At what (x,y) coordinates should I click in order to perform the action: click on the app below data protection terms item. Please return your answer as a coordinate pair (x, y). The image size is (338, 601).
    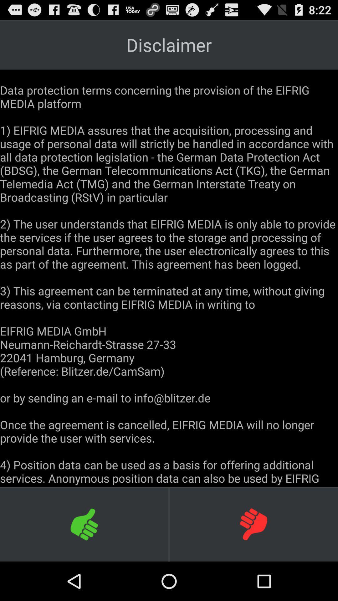
    Looking at the image, I should click on (84, 524).